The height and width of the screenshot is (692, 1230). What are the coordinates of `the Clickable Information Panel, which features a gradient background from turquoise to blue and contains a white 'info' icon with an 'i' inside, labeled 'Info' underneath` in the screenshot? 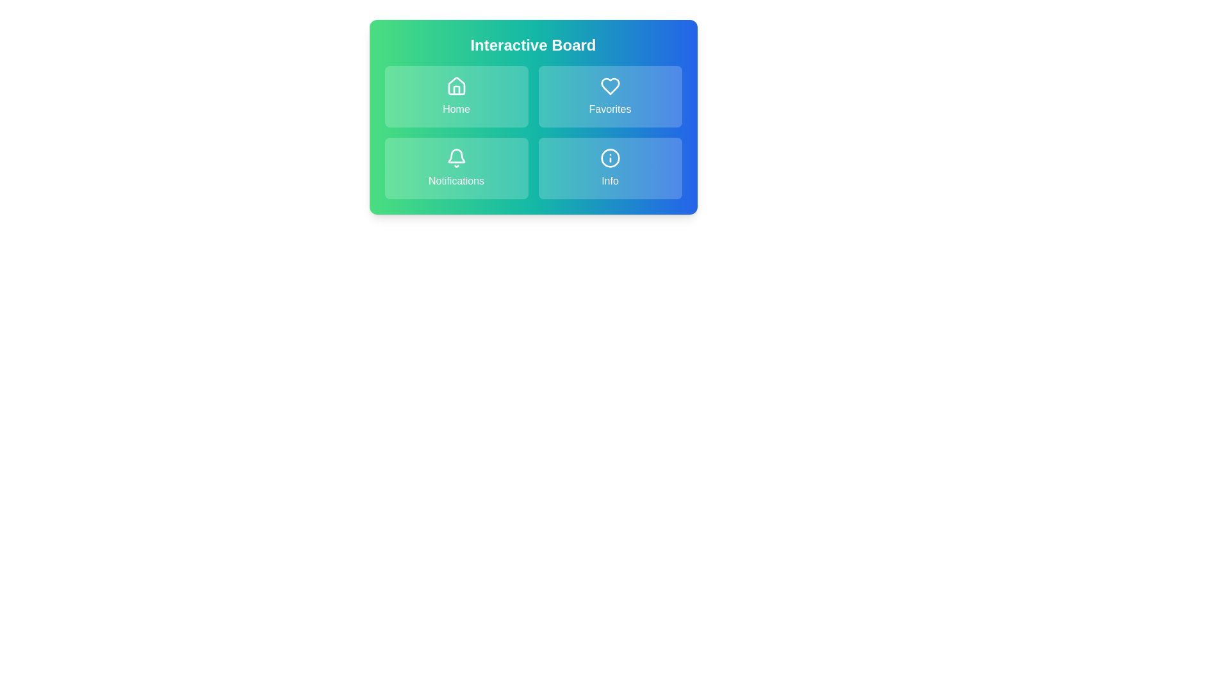 It's located at (609, 167).